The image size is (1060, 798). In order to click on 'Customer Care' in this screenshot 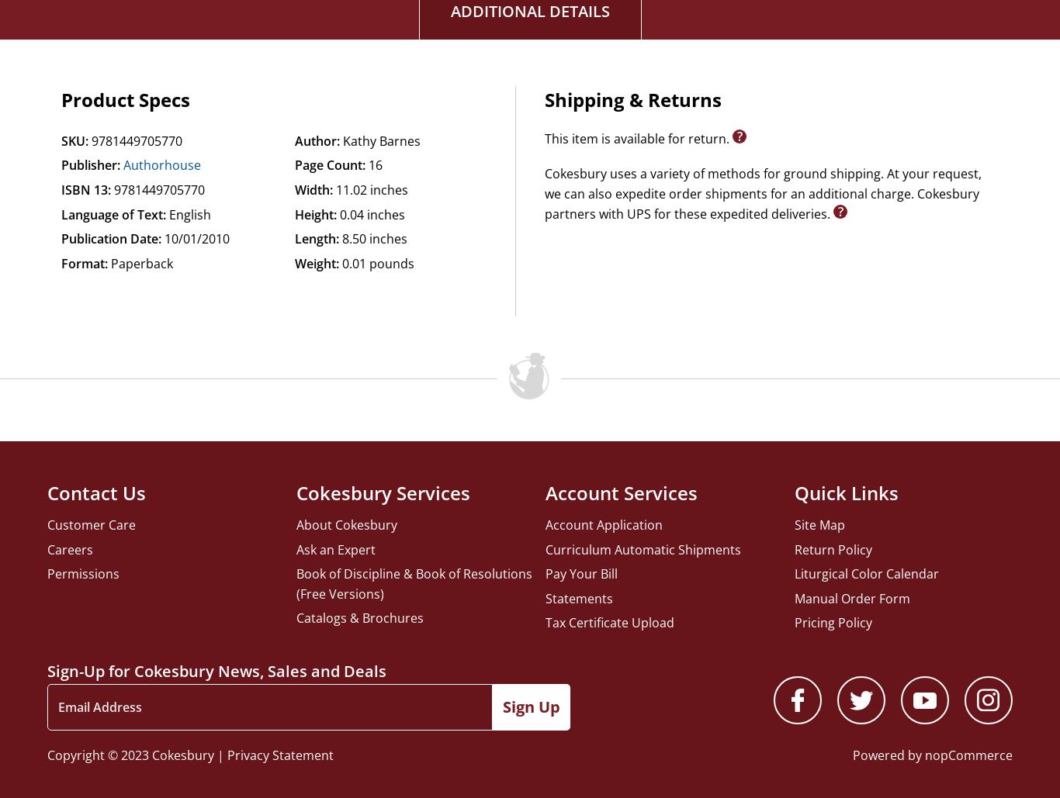, I will do `click(91, 523)`.